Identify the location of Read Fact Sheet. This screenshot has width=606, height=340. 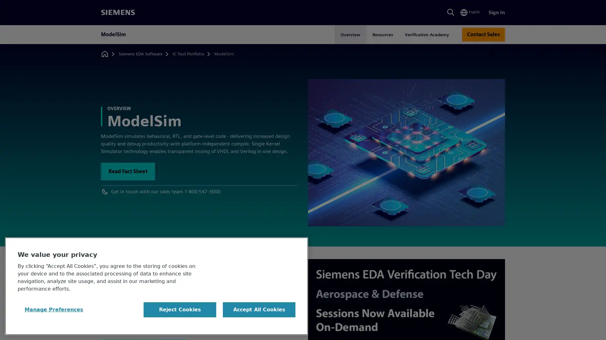
(128, 171).